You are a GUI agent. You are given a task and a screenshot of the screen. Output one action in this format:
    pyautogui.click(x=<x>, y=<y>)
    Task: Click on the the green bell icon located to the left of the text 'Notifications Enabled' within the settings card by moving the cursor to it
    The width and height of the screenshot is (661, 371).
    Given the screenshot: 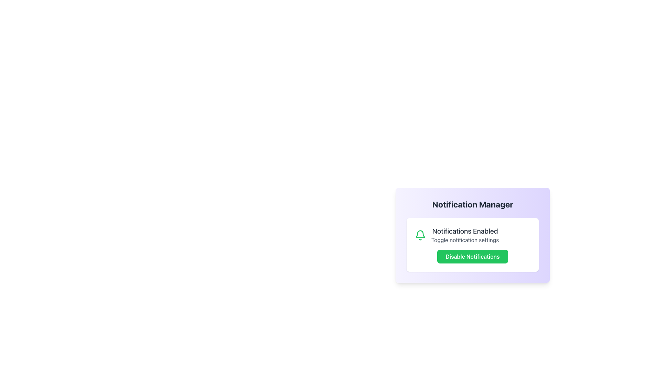 What is the action you would take?
    pyautogui.click(x=420, y=235)
    